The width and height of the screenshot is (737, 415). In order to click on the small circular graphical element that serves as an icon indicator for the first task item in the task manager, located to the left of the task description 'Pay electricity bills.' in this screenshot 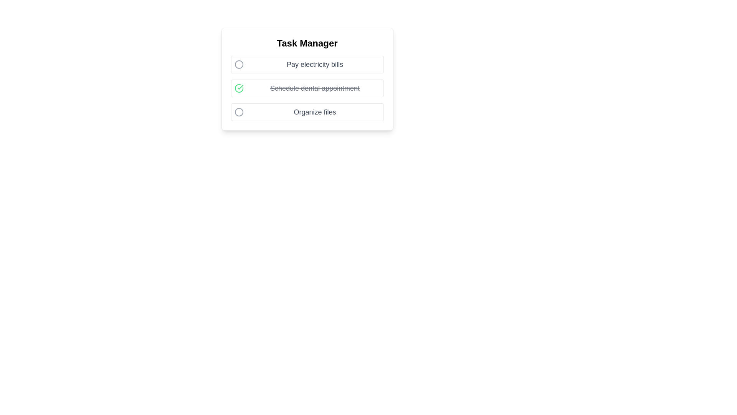, I will do `click(238, 64)`.